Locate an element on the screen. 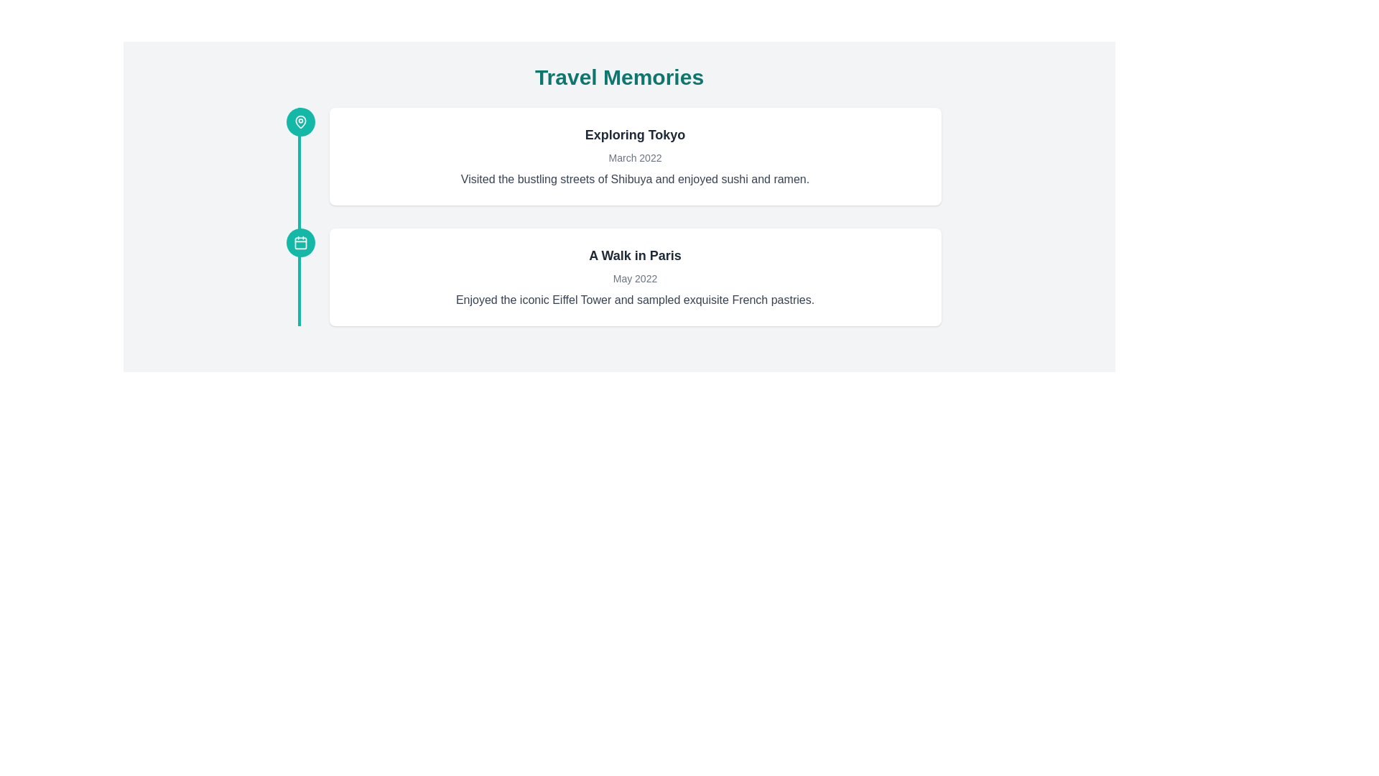  the static text label displaying 'March 2022' which is located under the title 'Exploring Tokyo' in a card-style layout is located at coordinates (634, 157).